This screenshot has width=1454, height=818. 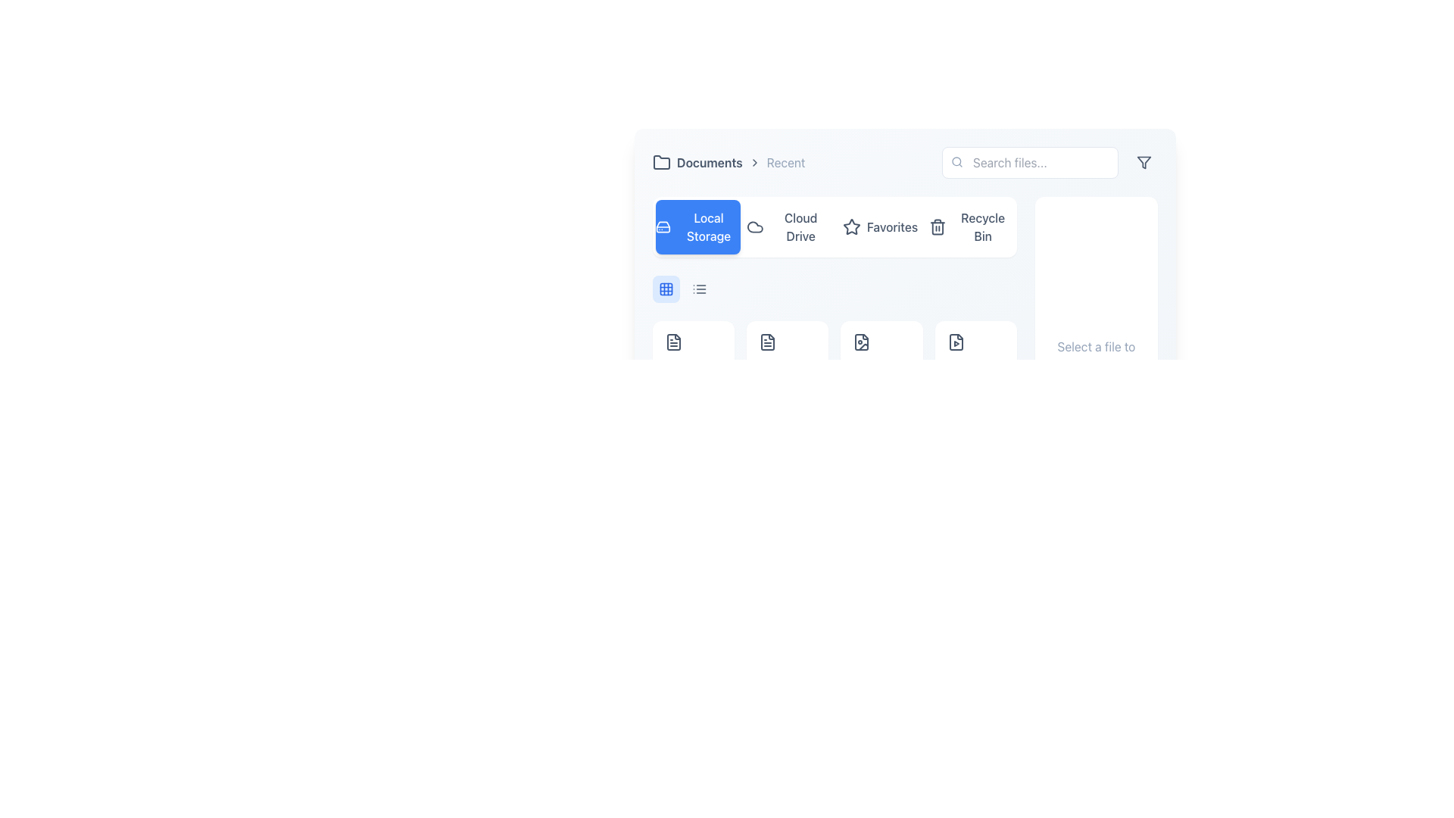 What do you see at coordinates (1144, 163) in the screenshot?
I see `on the filter icon, which is a small funnel-shaped icon located in the top-right corner of the toolbar, adjacent` at bounding box center [1144, 163].